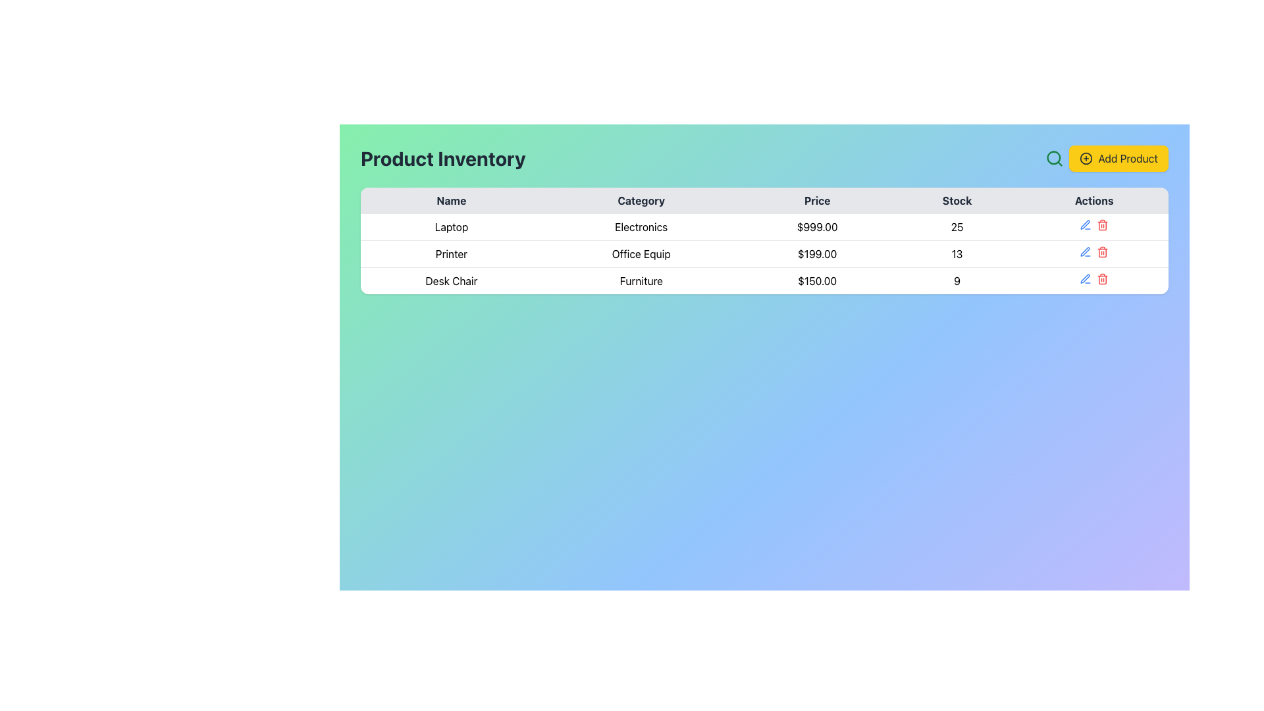 The height and width of the screenshot is (711, 1264). I want to click on the Text Label that serves as the visual column header for the action buttons in the table, positioned at the far right of the header row, so click(1094, 200).